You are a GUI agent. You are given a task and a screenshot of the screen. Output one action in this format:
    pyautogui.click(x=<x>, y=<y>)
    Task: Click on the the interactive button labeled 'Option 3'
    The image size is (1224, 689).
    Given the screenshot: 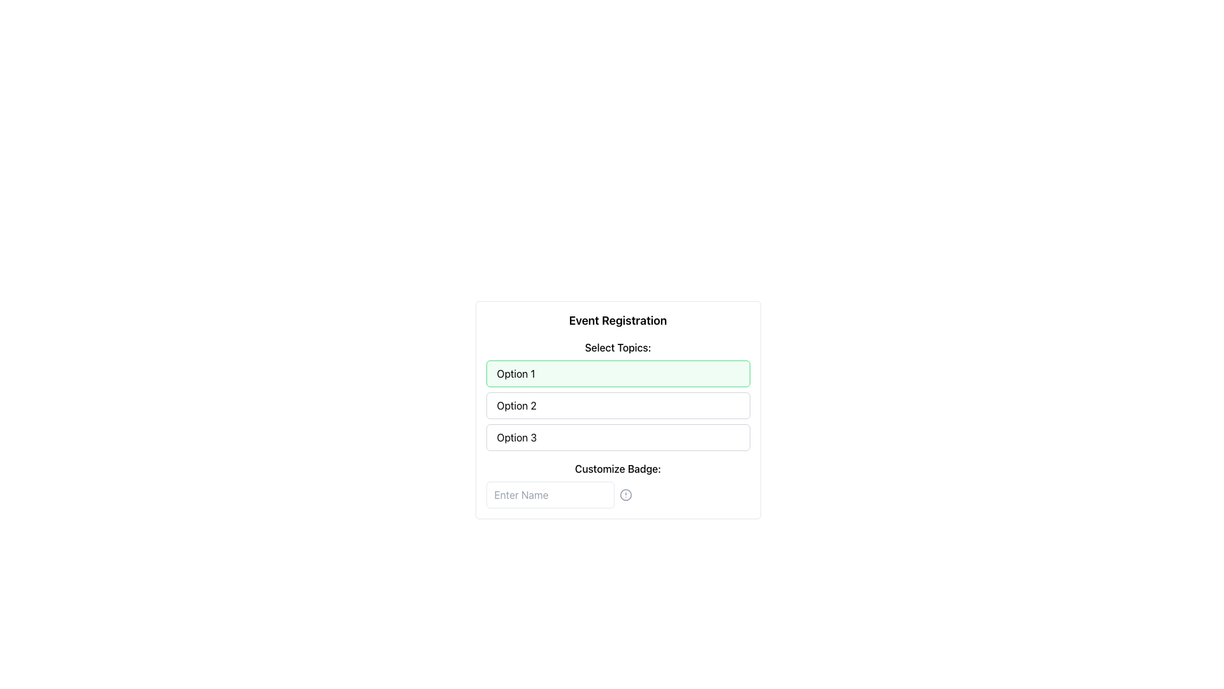 What is the action you would take?
    pyautogui.click(x=618, y=437)
    